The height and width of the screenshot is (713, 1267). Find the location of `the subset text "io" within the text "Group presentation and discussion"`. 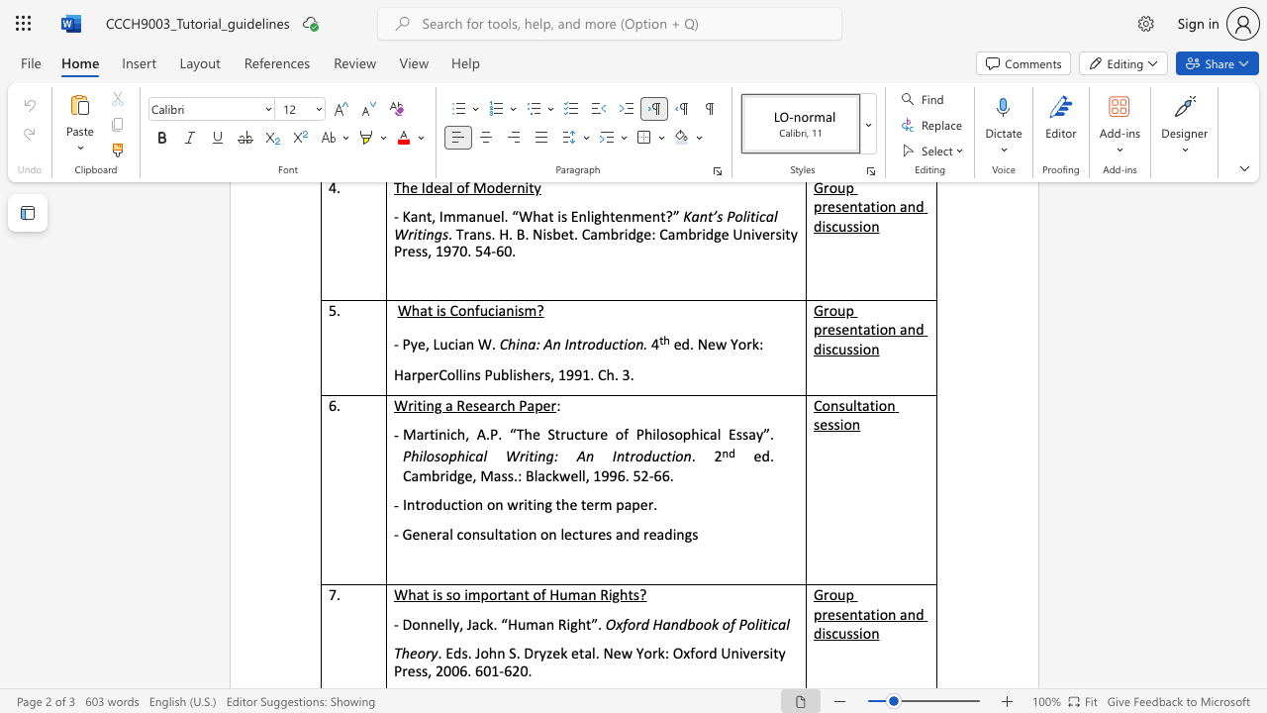

the subset text "io" within the text "Group presentation and discussion" is located at coordinates (858, 633).